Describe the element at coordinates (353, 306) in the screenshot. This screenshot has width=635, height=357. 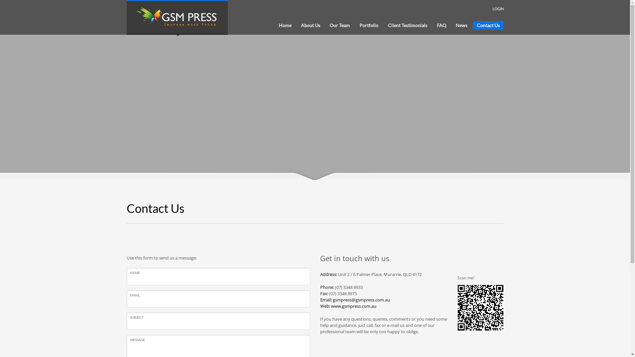
I see `'www.gsmpress.com.au'` at that location.